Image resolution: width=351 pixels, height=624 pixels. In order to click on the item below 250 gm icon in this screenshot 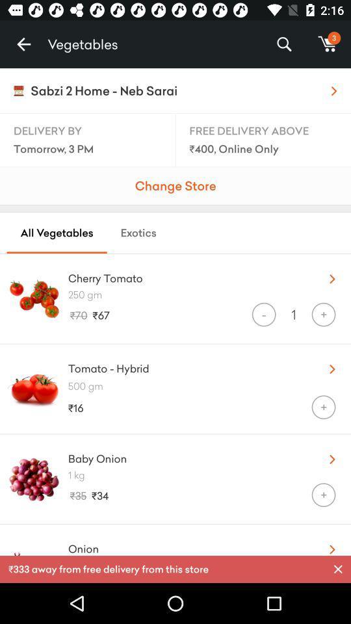, I will do `click(263, 314)`.